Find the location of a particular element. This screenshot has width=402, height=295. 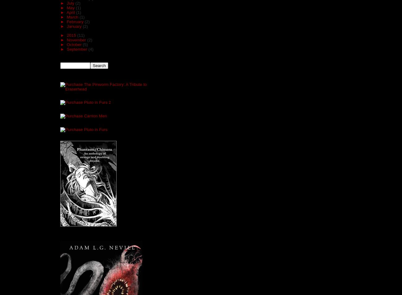

'2015' is located at coordinates (71, 35).